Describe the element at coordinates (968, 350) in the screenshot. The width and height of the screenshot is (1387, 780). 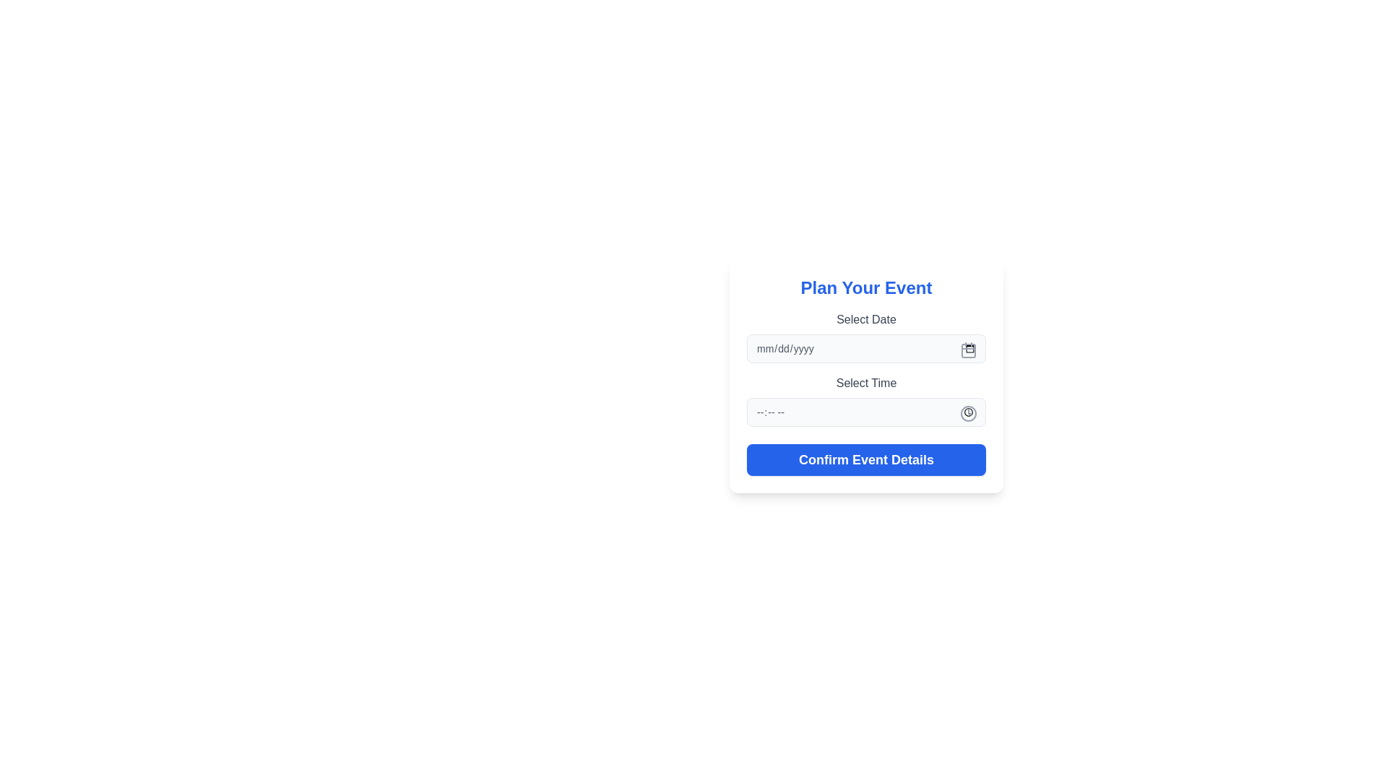
I see `the calendar icon located to the right of the 'Select Date' input field in the 'Plan Your Event' form` at that location.